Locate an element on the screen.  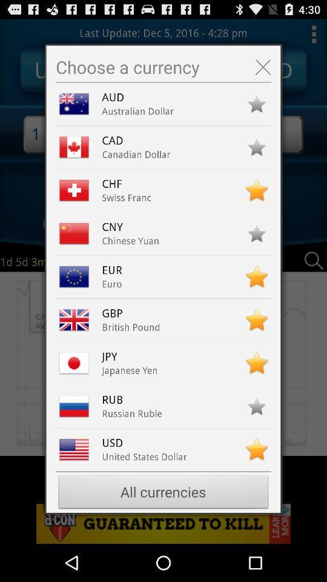
british pound icon is located at coordinates (130, 327).